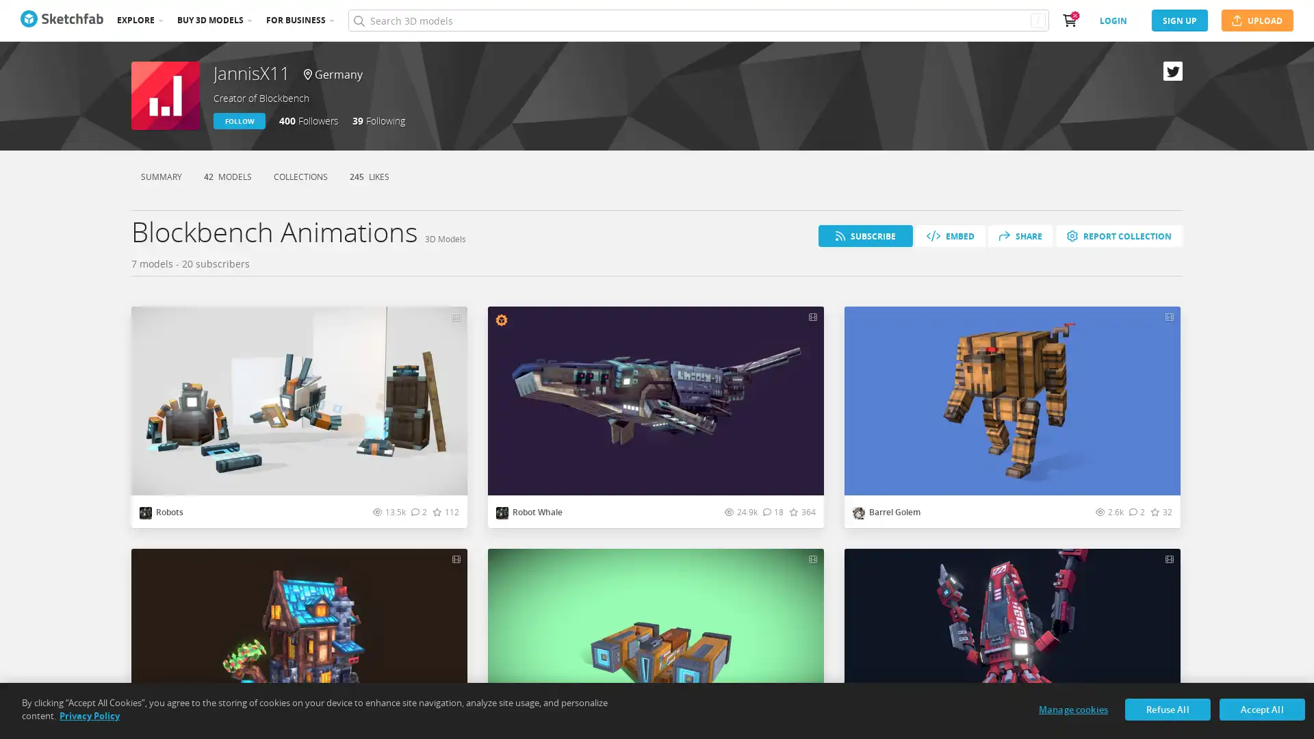 Image resolution: width=1314 pixels, height=739 pixels. I want to click on Manage cookies, so click(1072, 709).